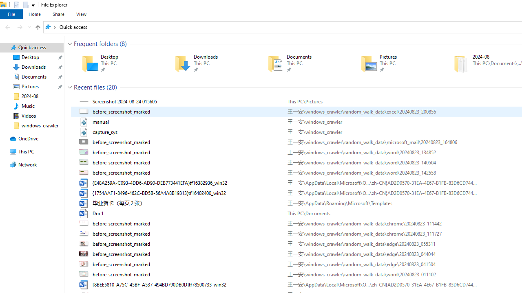  What do you see at coordinates (73, 26) in the screenshot?
I see `'Quick access'` at bounding box center [73, 26].